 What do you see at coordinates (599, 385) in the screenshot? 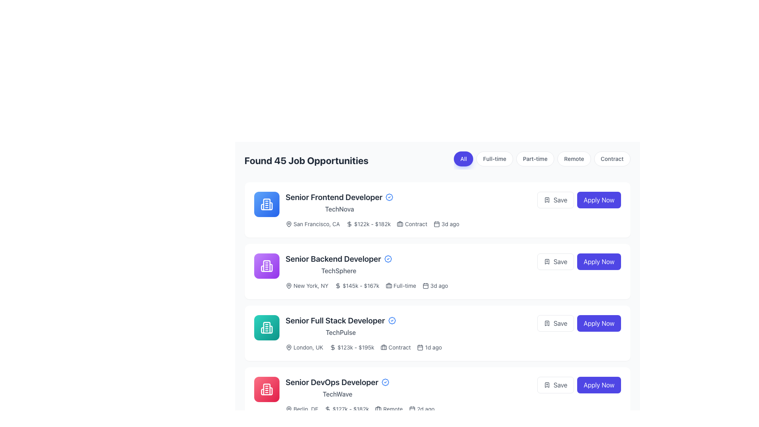
I see `the 'Apply Now' button, which is located at the bottom of the fourth job listing card and has an indigo background color that changes on hover` at bounding box center [599, 385].